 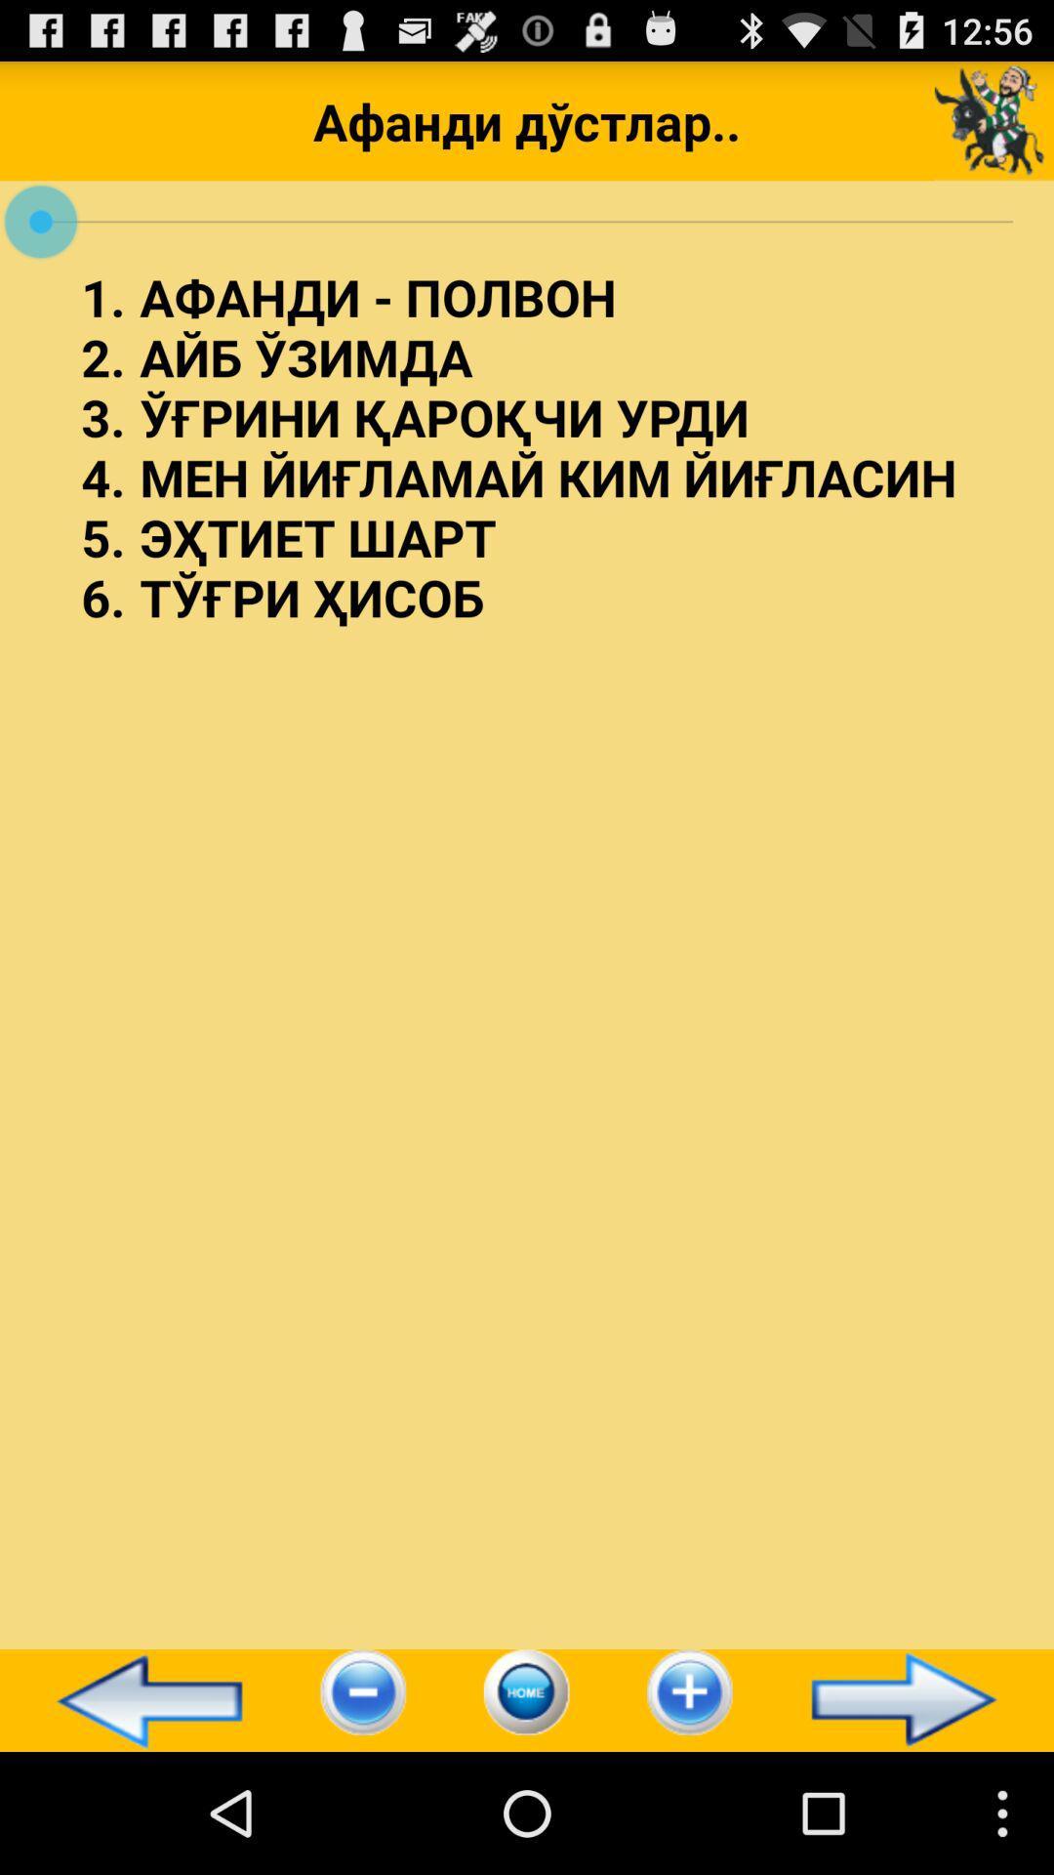 What do you see at coordinates (912, 1699) in the screenshot?
I see `icon at the bottom right corner` at bounding box center [912, 1699].